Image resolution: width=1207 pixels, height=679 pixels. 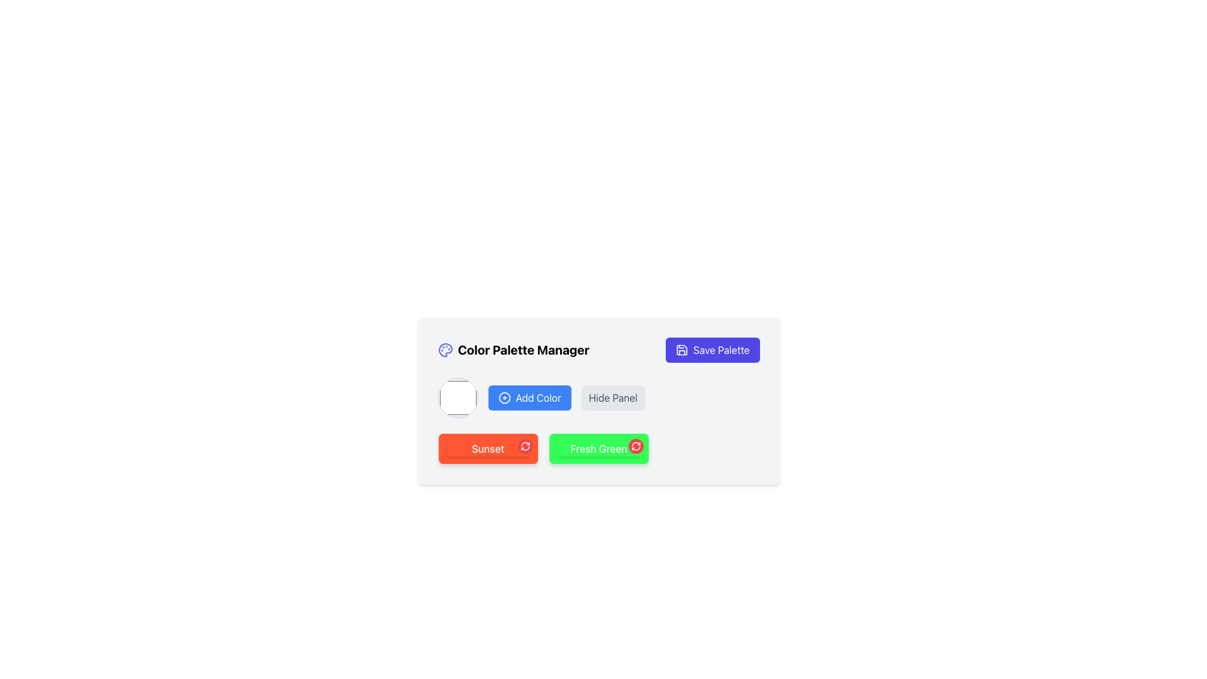 What do you see at coordinates (712, 350) in the screenshot?
I see `the save button located at the top-right corner of the 'Color Palette Manager' dialogue box to activate its hover effect` at bounding box center [712, 350].